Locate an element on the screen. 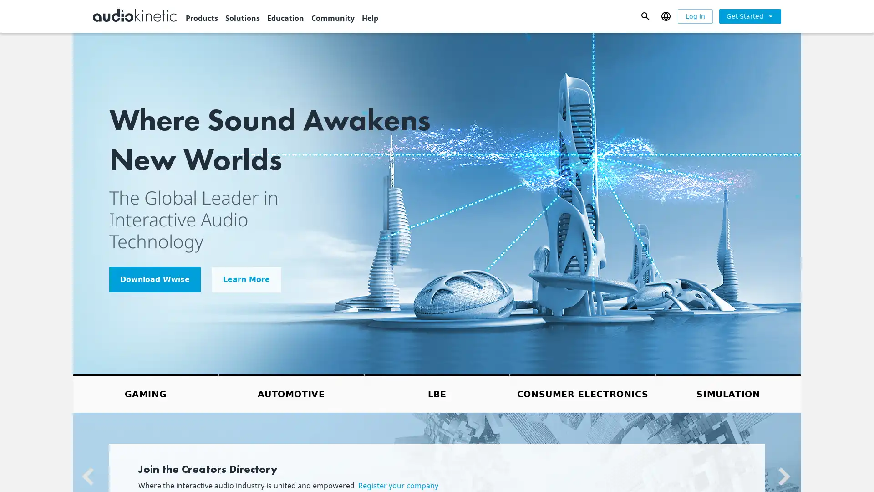  Get Started arrow_drop_down is located at coordinates (750, 15).